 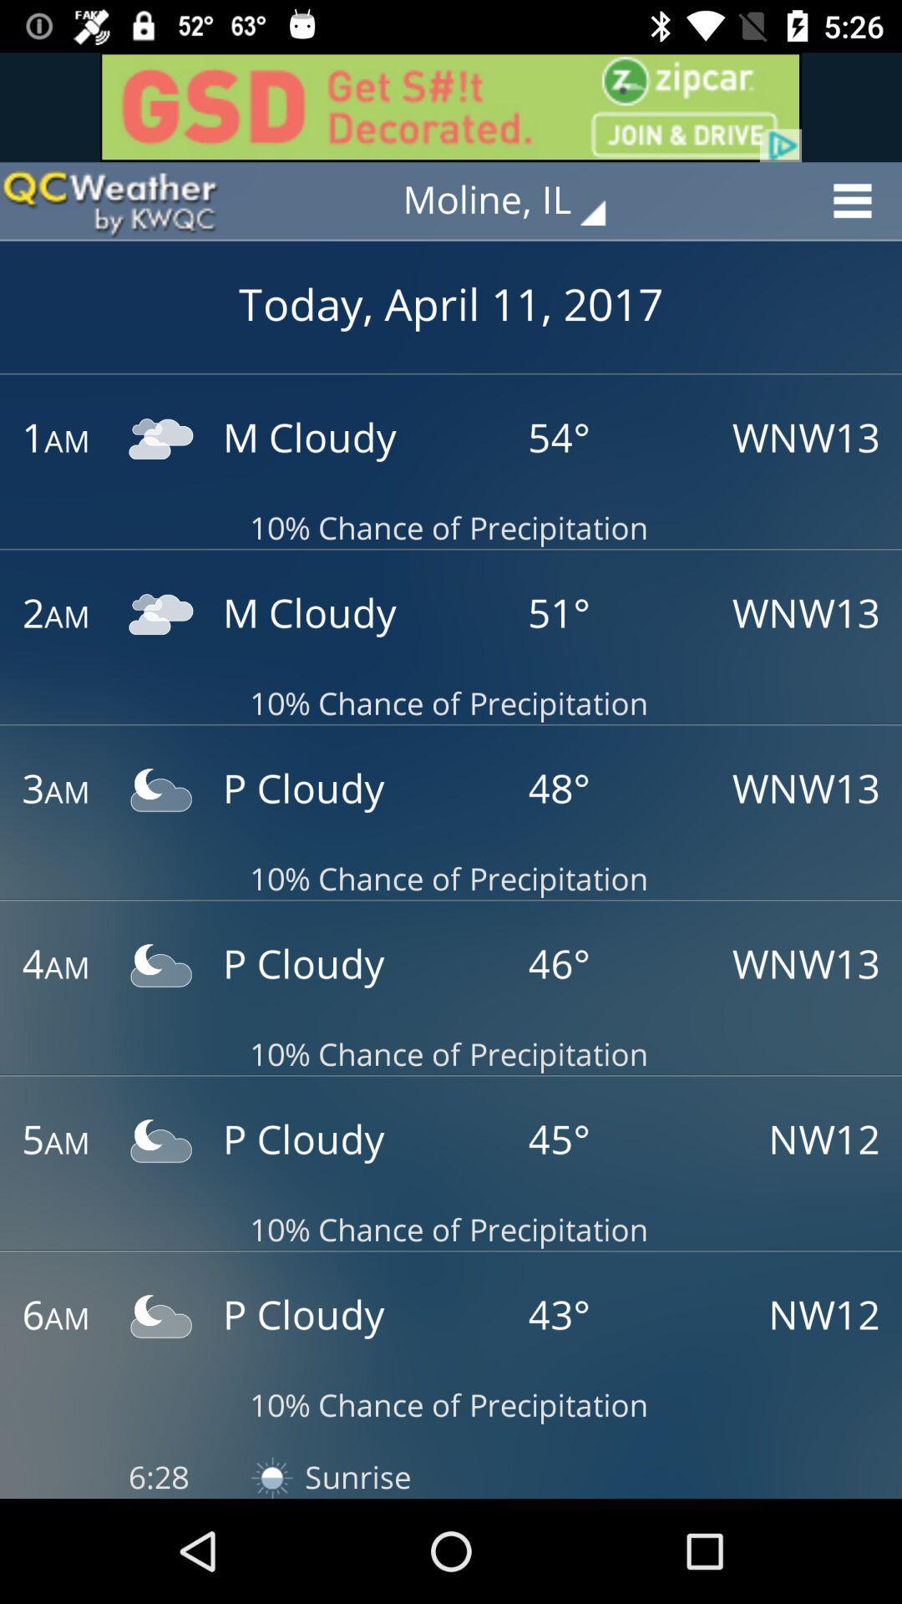 What do you see at coordinates (109, 200) in the screenshot?
I see `switch to qcweather app` at bounding box center [109, 200].